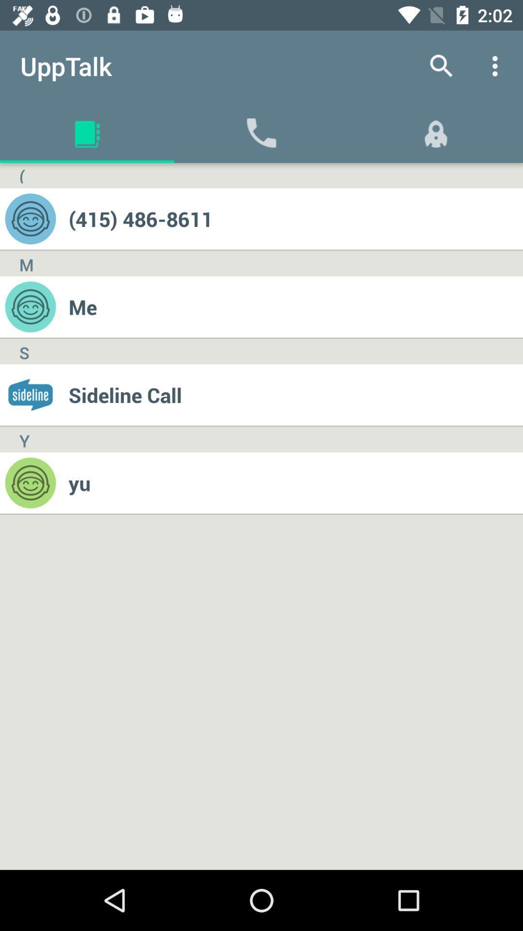 This screenshot has height=931, width=523. I want to click on the icon which is left to the phone icon, so click(87, 132).